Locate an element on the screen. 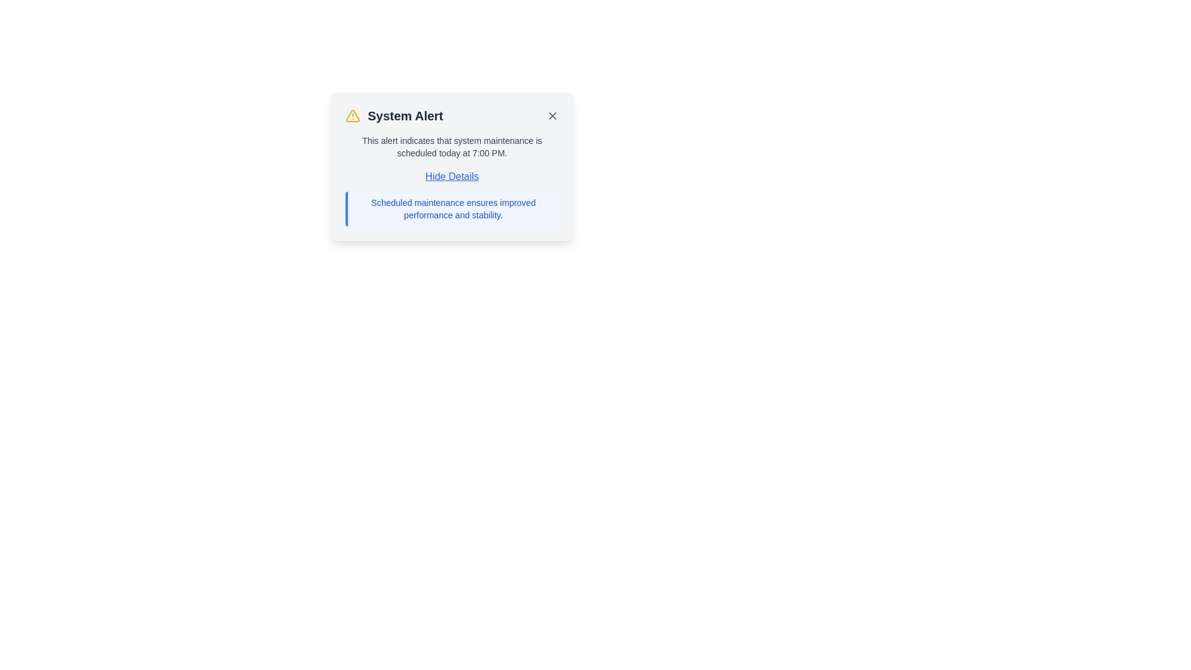 The height and width of the screenshot is (670, 1191). the static text displaying 'Scheduled maintenance ensures improved performance and stability.' located at the bottom center of the blue-bordered notification box labeled 'System Alert.' is located at coordinates (452, 208).